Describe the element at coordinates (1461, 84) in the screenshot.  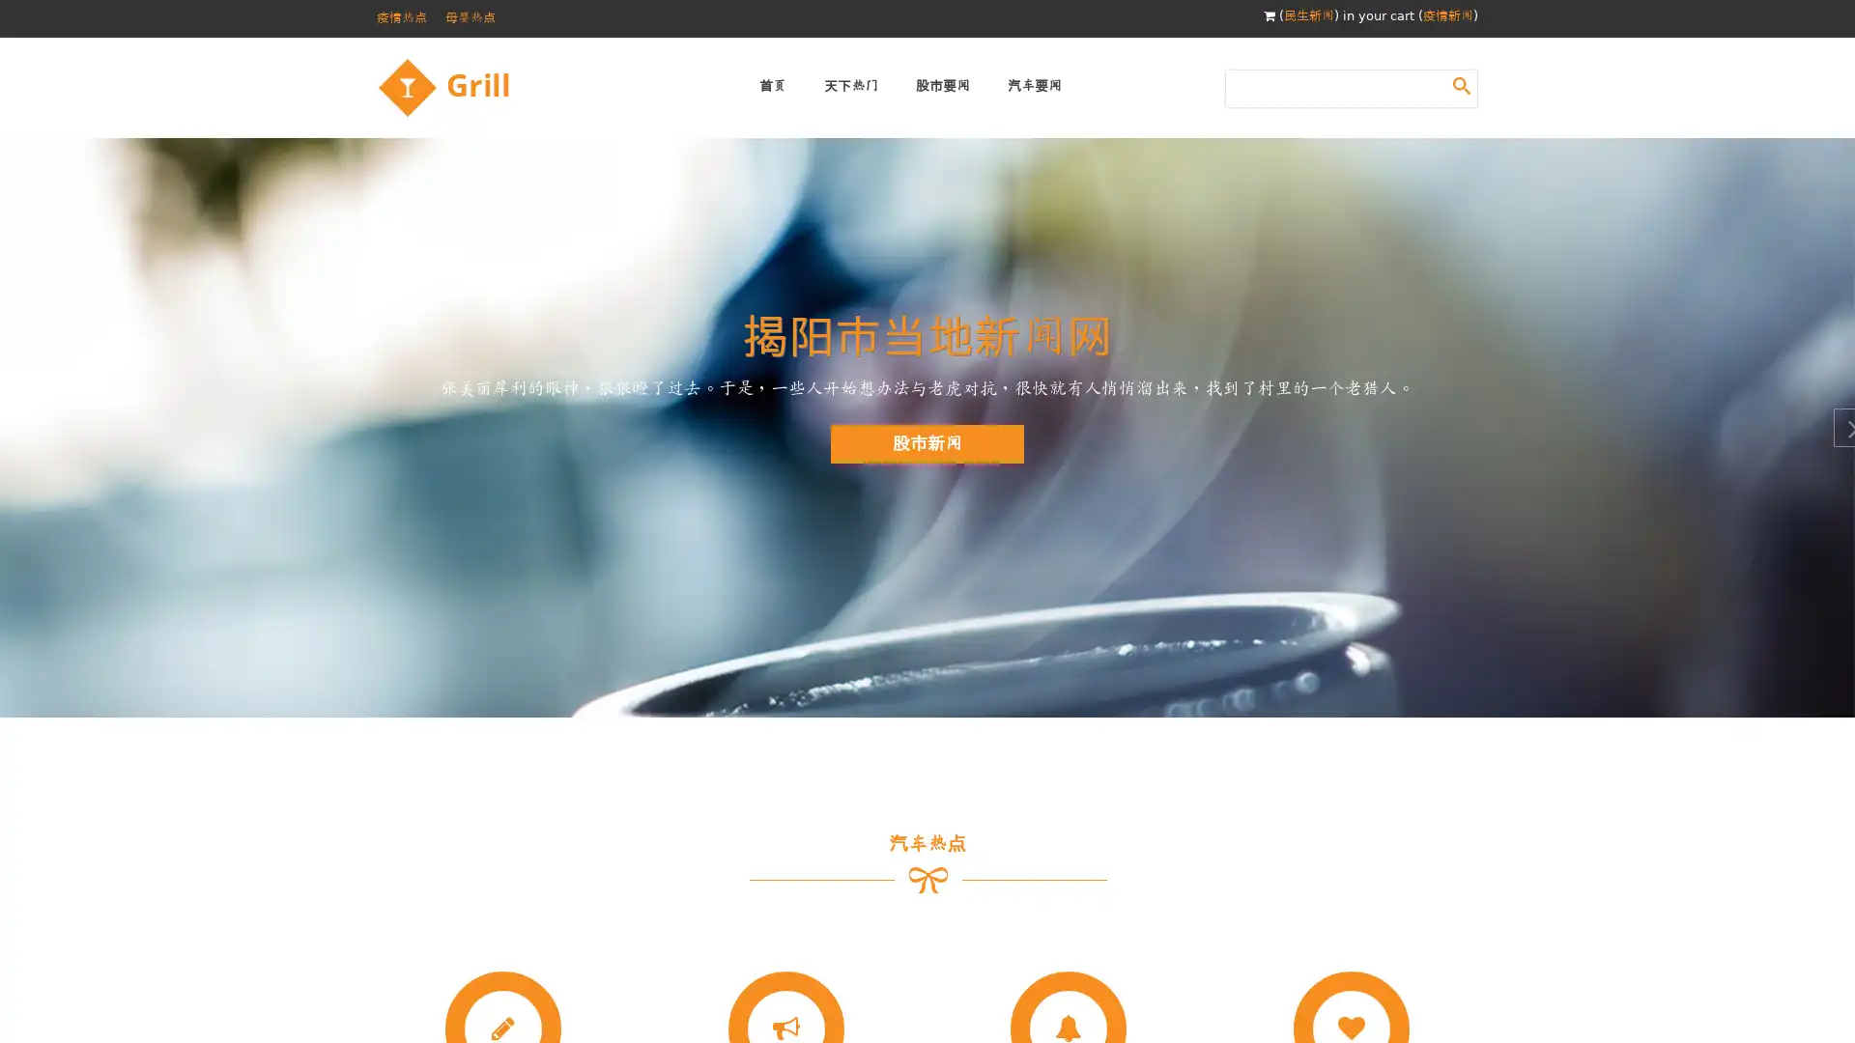
I see `Submit` at that location.